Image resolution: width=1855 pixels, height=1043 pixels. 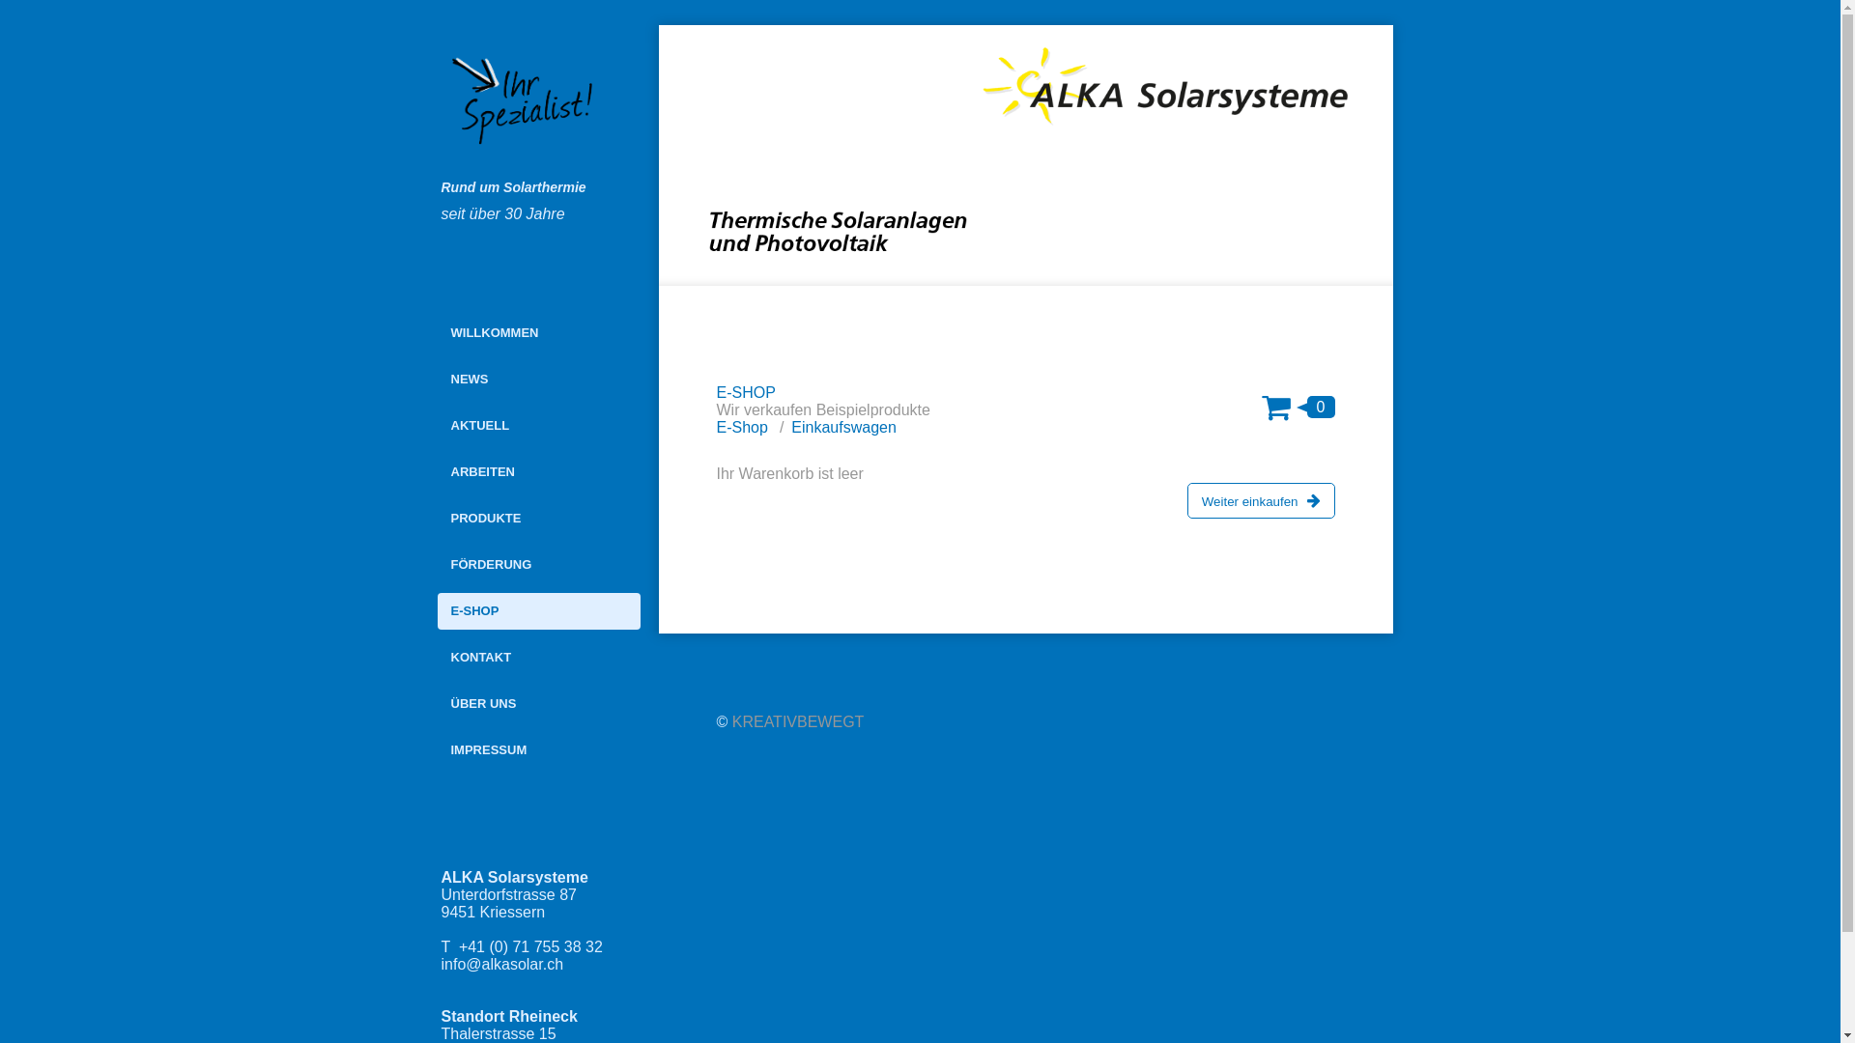 What do you see at coordinates (843, 426) in the screenshot?
I see `'Einkaufswagen'` at bounding box center [843, 426].